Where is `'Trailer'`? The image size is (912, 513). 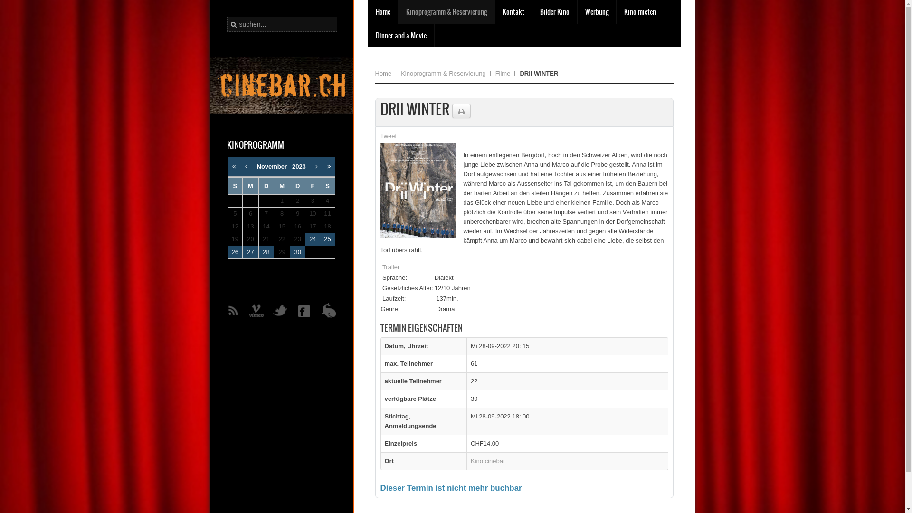
'Trailer' is located at coordinates (390, 266).